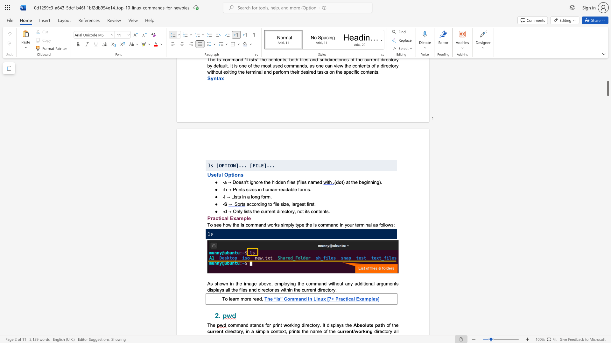 The height and width of the screenshot is (343, 611). I want to click on the 1th character "y" in the text, so click(241, 211).